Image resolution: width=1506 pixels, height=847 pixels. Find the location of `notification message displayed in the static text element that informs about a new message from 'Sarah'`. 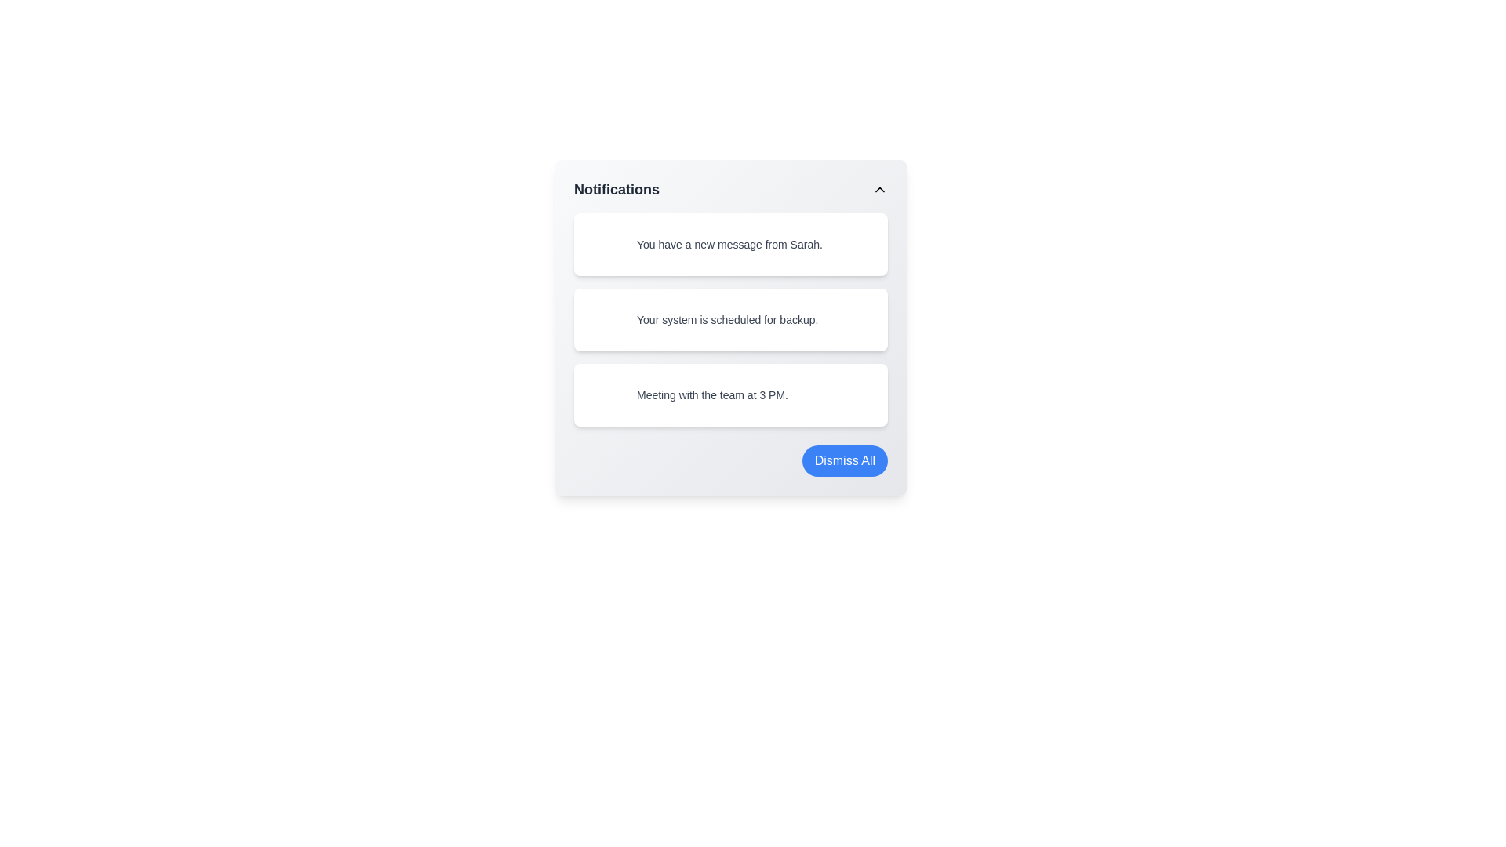

notification message displayed in the static text element that informs about a new message from 'Sarah' is located at coordinates (729, 245).